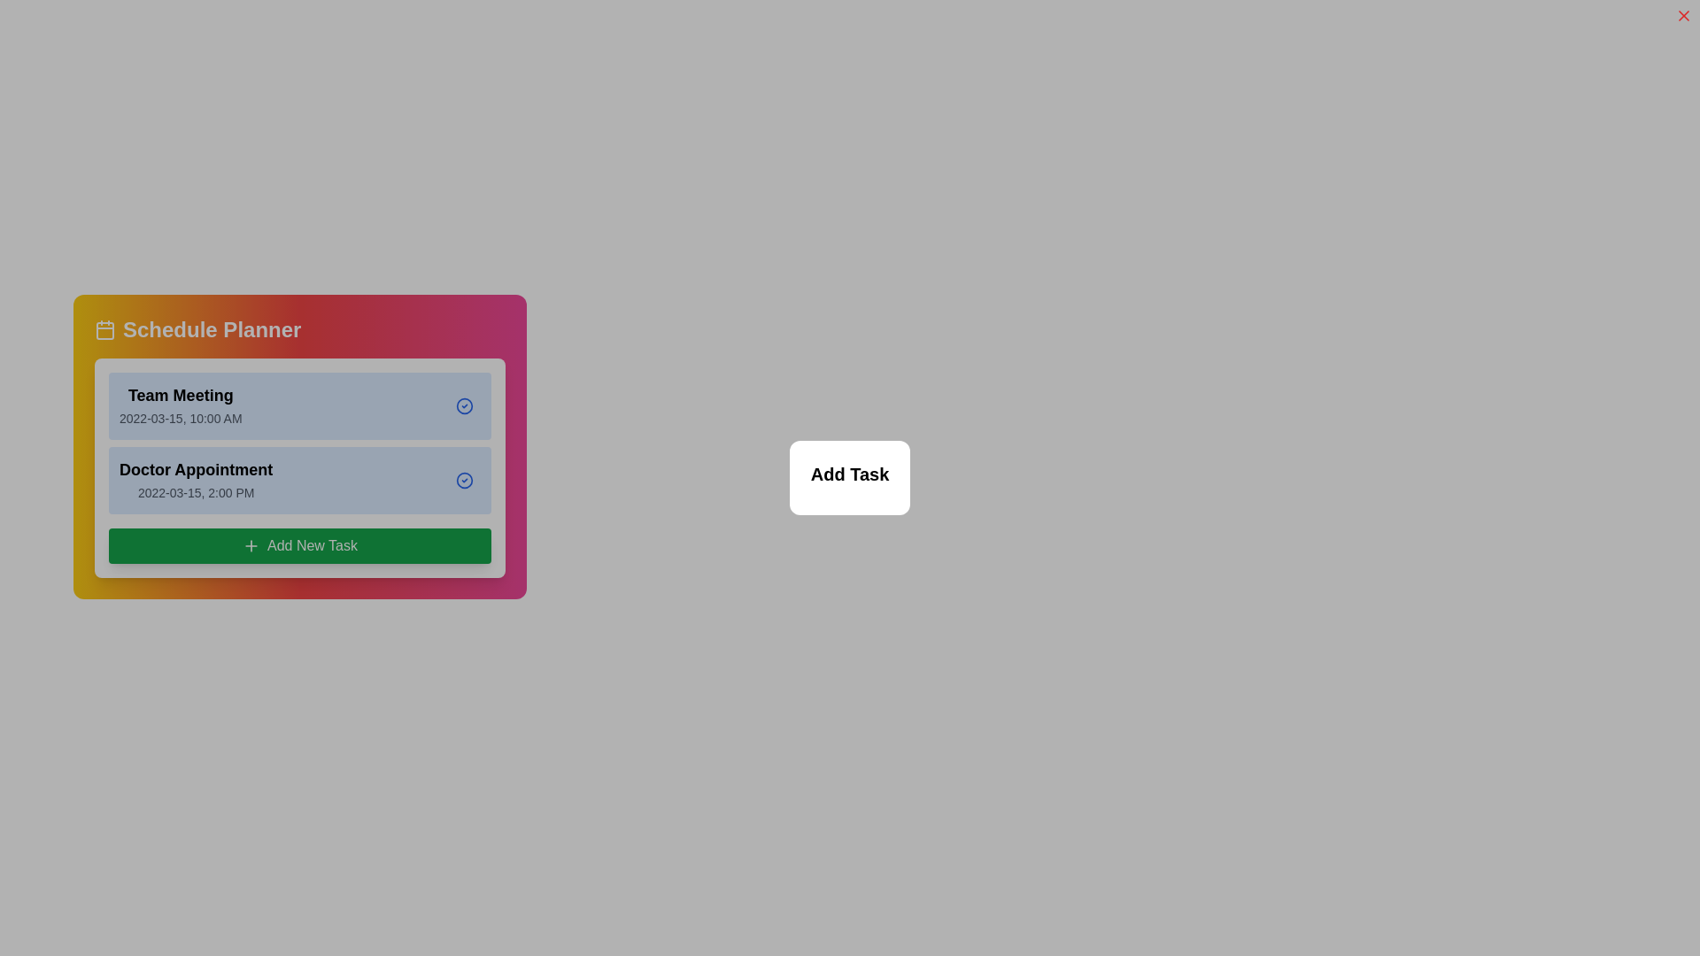  What do you see at coordinates (464, 406) in the screenshot?
I see `the completion status icon located at the top-right of the 'Team Meeting' card in the 'Schedule Planner' interface` at bounding box center [464, 406].